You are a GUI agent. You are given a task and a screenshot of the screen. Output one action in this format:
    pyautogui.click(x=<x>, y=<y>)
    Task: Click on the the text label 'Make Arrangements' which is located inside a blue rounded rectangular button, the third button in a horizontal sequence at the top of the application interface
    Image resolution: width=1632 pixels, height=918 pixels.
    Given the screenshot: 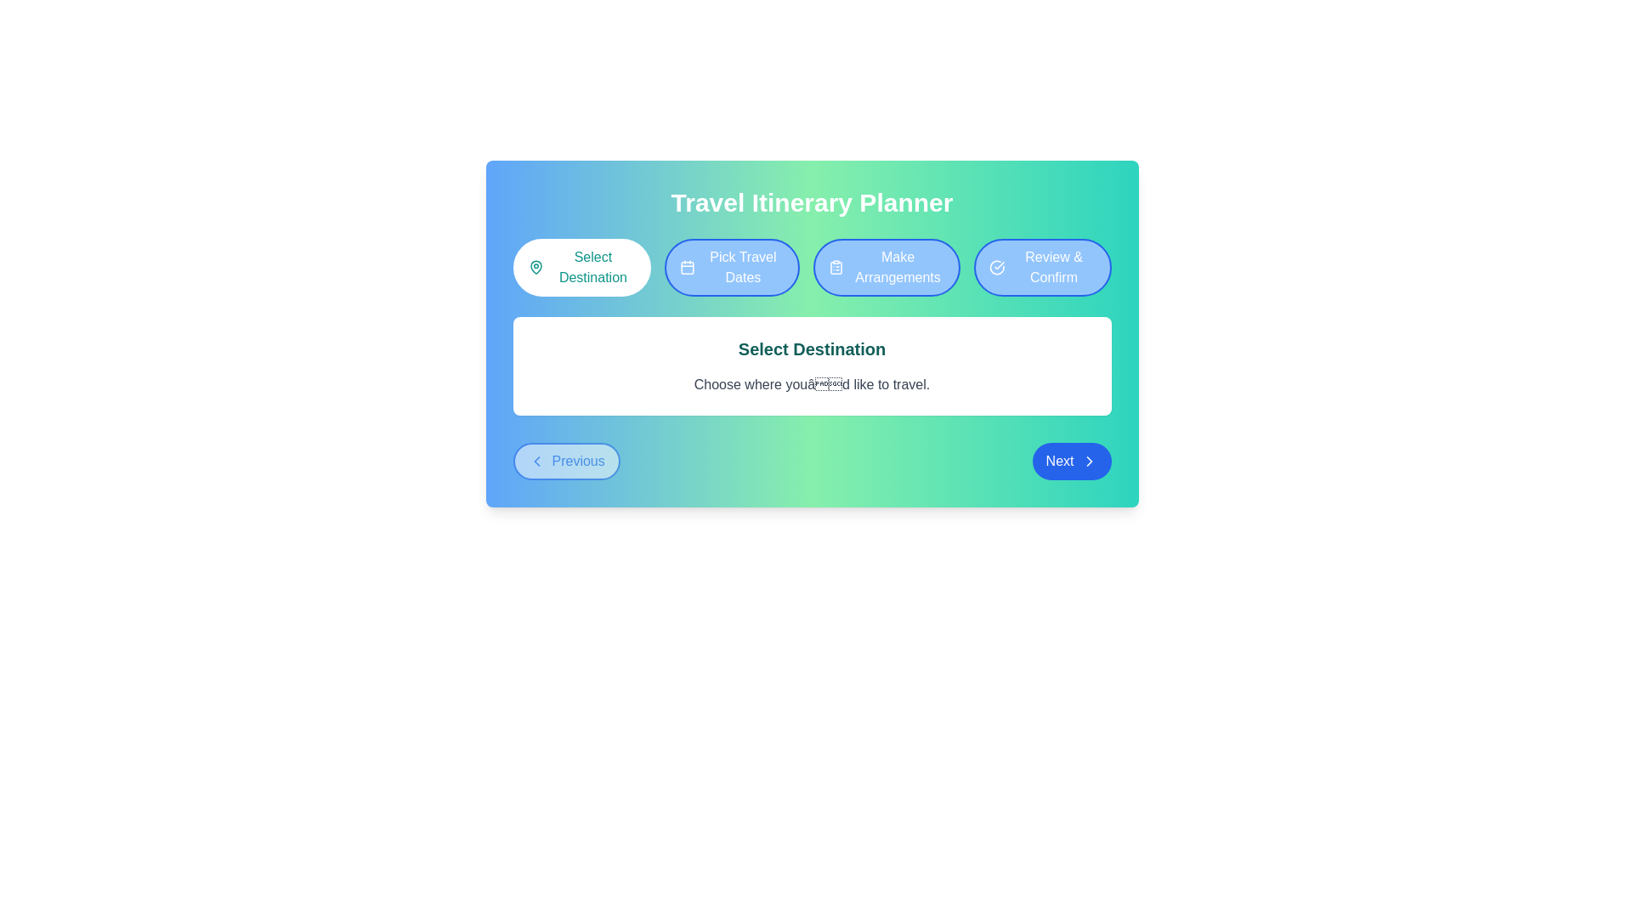 What is the action you would take?
    pyautogui.click(x=897, y=268)
    